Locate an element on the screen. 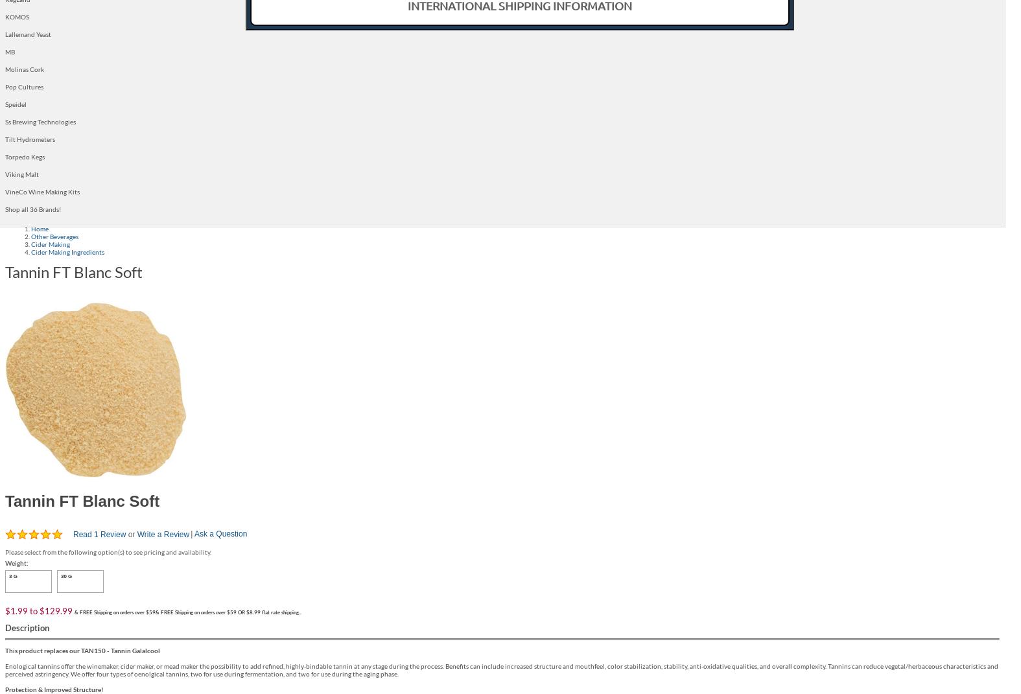  'Cider Making Ingredients' is located at coordinates (67, 251).